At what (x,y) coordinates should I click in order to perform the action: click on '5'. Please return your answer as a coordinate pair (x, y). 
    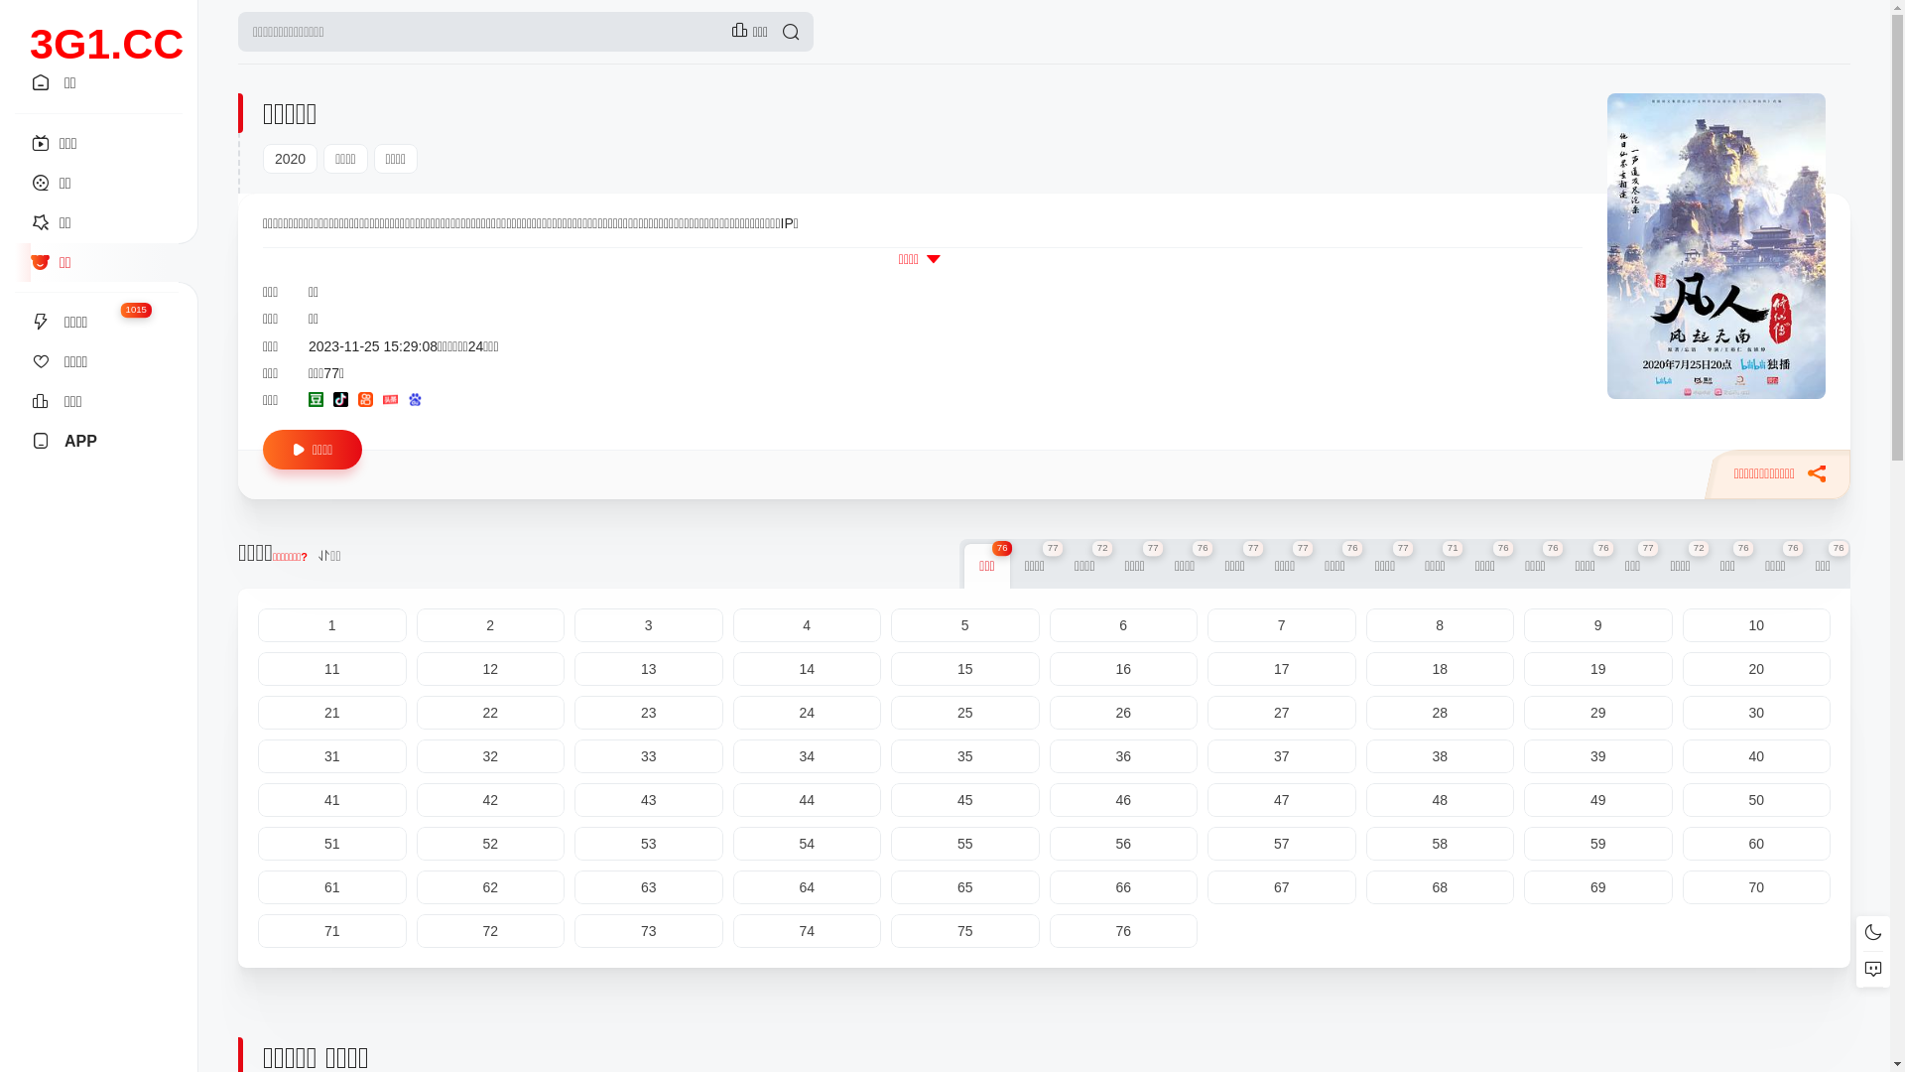
    Looking at the image, I should click on (889, 623).